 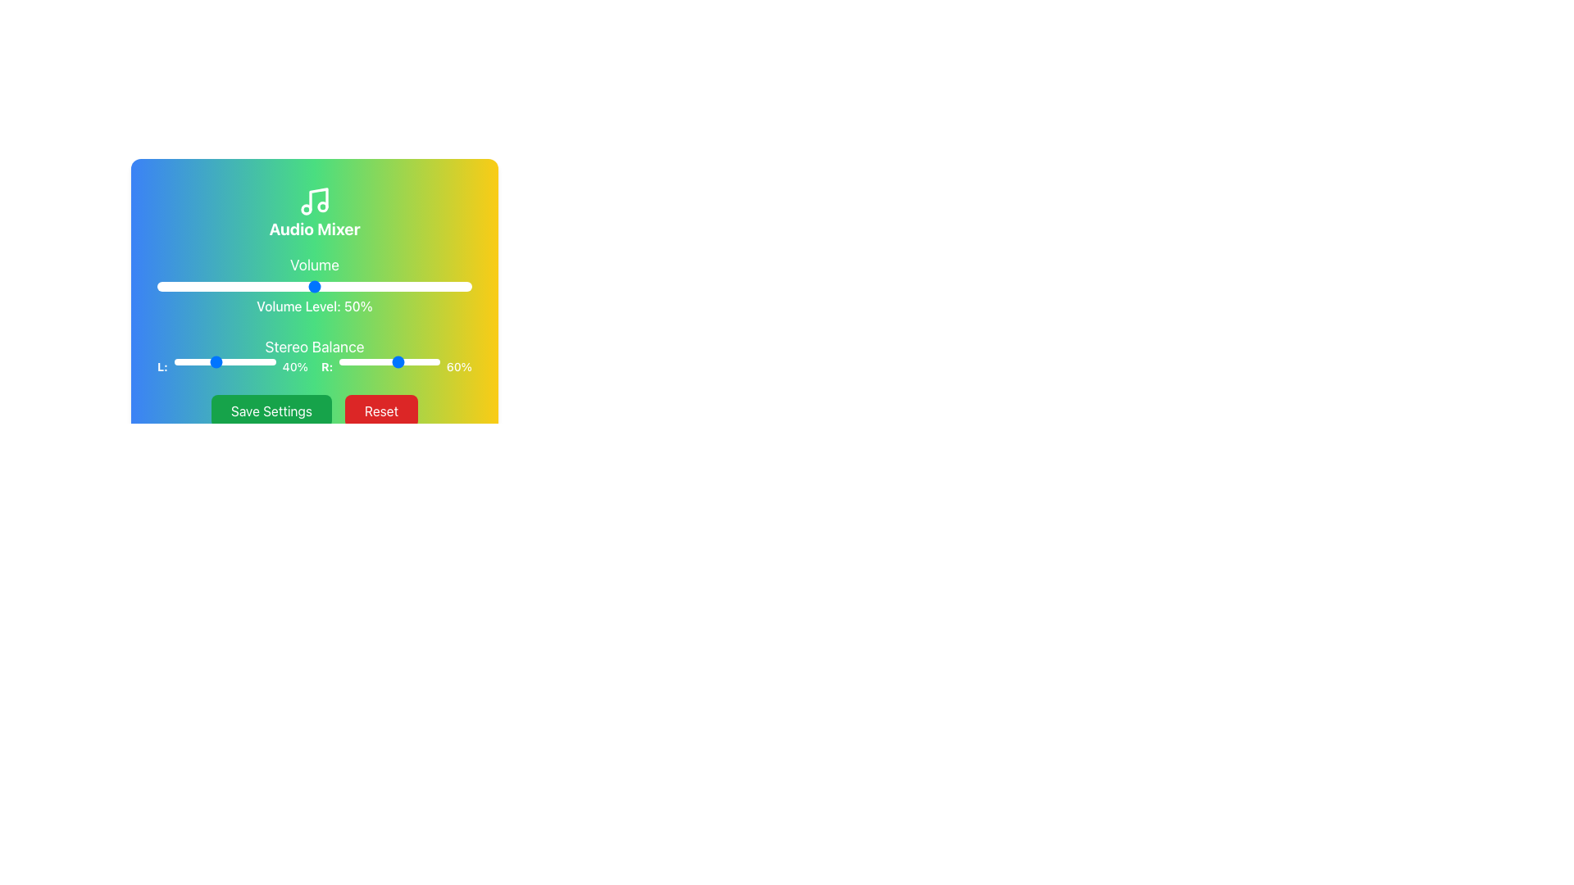 What do you see at coordinates (257, 361) in the screenshot?
I see `the left stereo balance` at bounding box center [257, 361].